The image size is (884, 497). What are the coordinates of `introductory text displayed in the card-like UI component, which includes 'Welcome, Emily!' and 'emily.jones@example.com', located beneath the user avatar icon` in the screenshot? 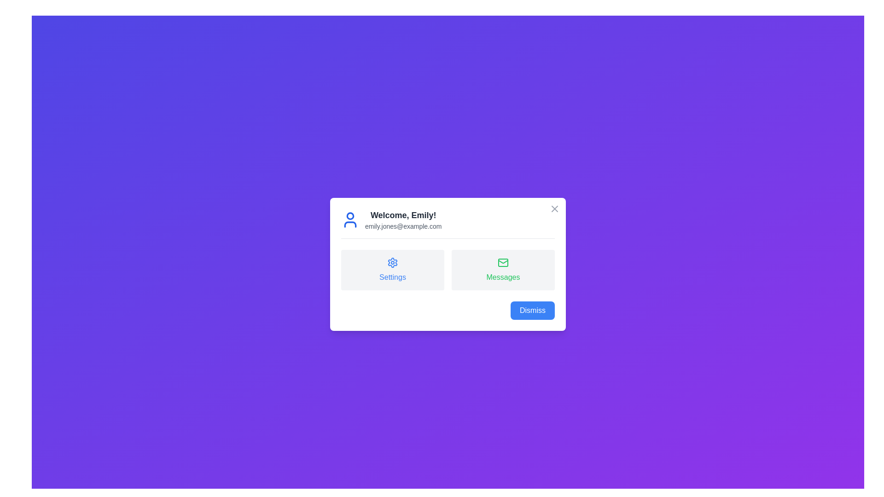 It's located at (403, 220).